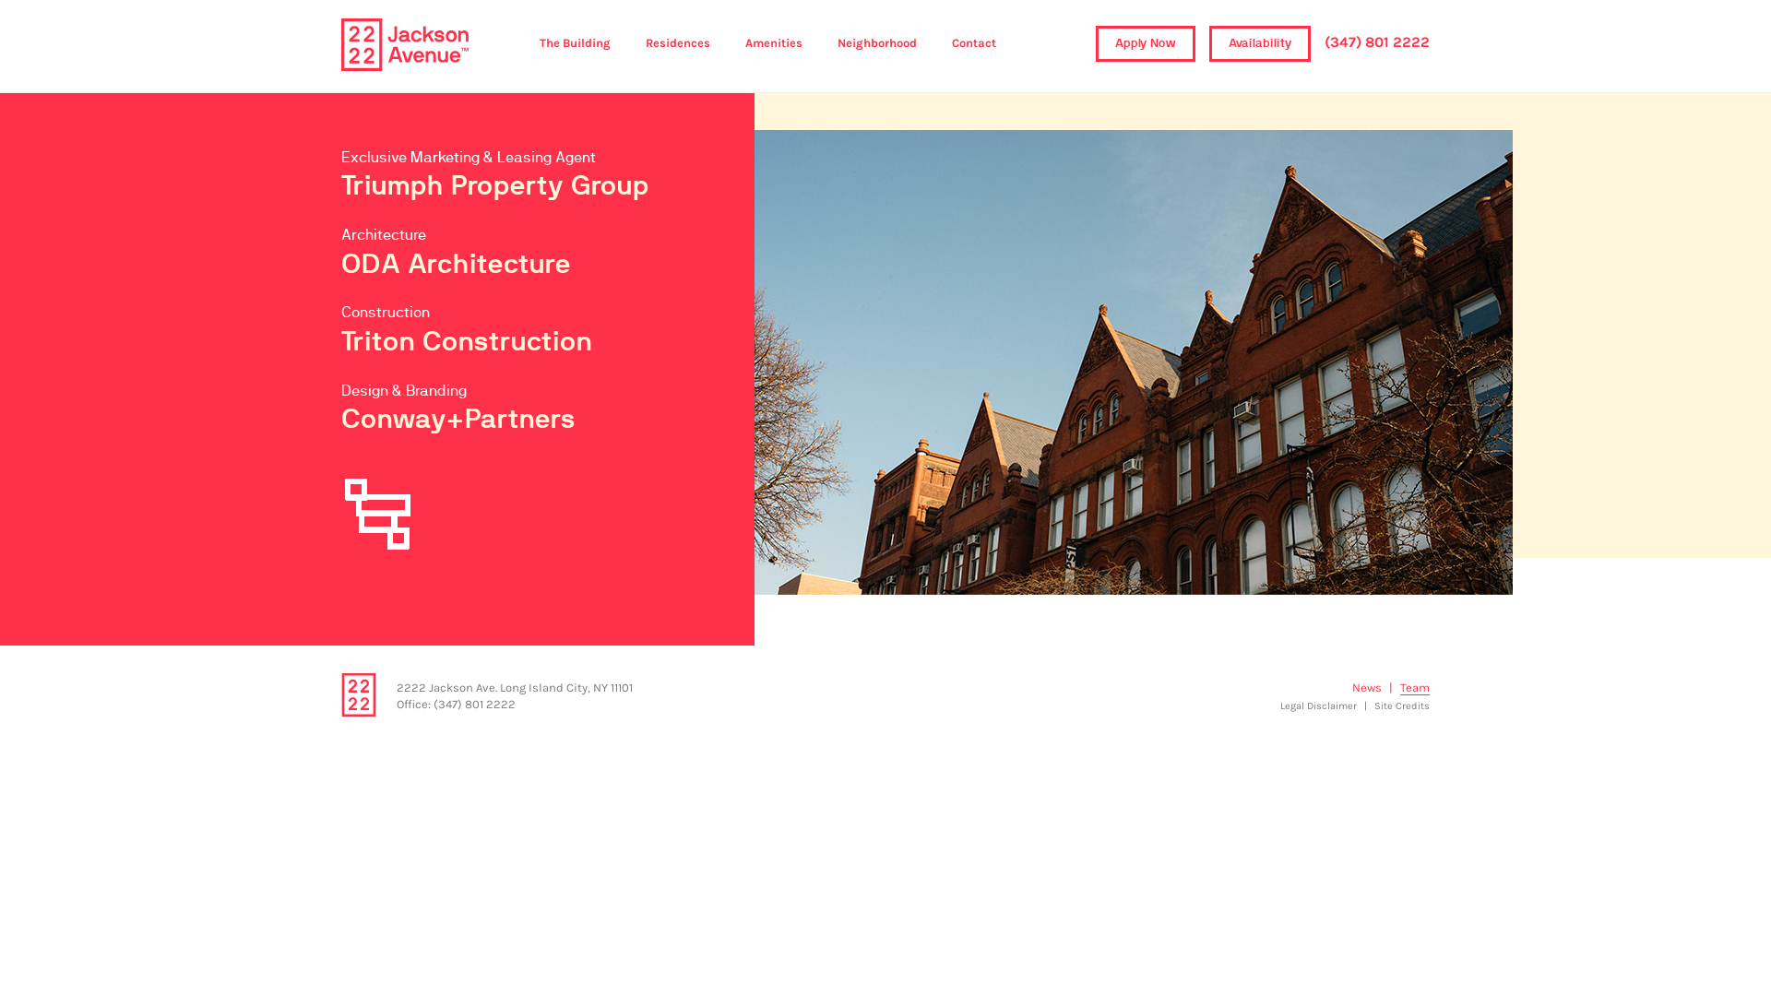  Describe the element at coordinates (456, 704) in the screenshot. I see `'Office: (347) 801 2222'` at that location.